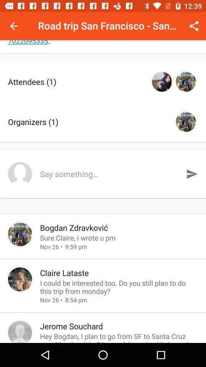  I want to click on i could be icon, so click(119, 286).